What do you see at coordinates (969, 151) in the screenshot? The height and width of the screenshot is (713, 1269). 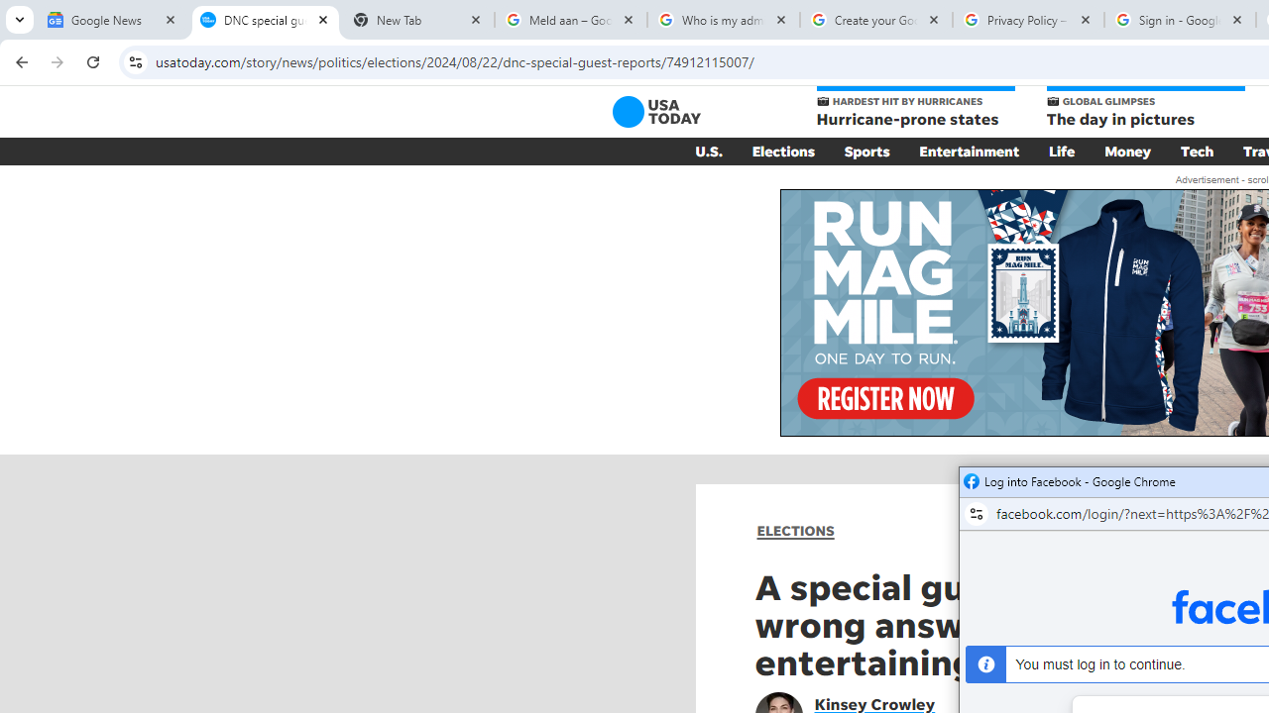 I see `'Entertainment'` at bounding box center [969, 151].